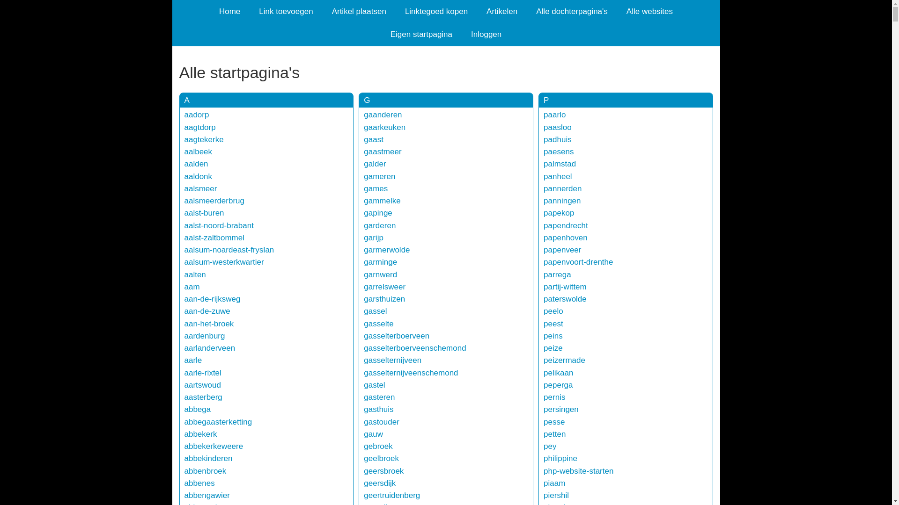 This screenshot has width=899, height=505. I want to click on 'garderen', so click(380, 225).